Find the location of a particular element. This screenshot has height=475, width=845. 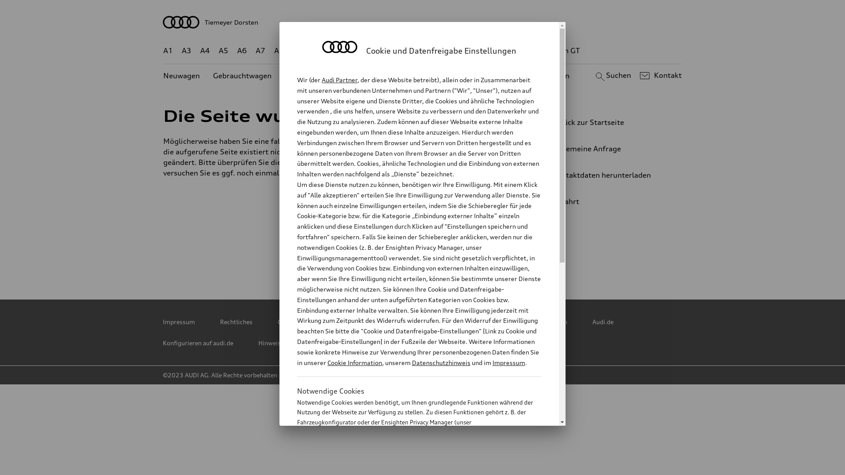

'Cookie Information' is located at coordinates (297, 465).